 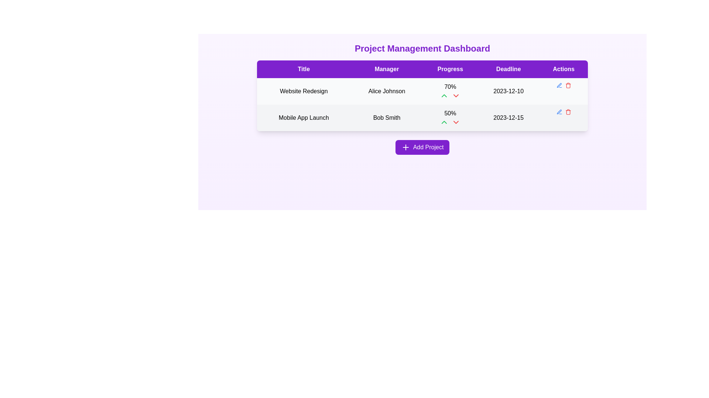 I want to click on the upward-pointing green chevron icon in the 'Progress' column of the second row, so click(x=444, y=122).